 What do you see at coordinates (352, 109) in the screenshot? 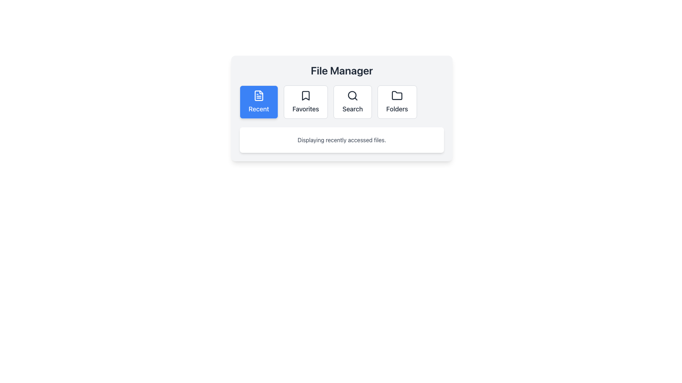
I see `the 'Search' text label, which is the third element in the 'File Manager' interface, positioned vertically below the magnifying glass icon` at bounding box center [352, 109].